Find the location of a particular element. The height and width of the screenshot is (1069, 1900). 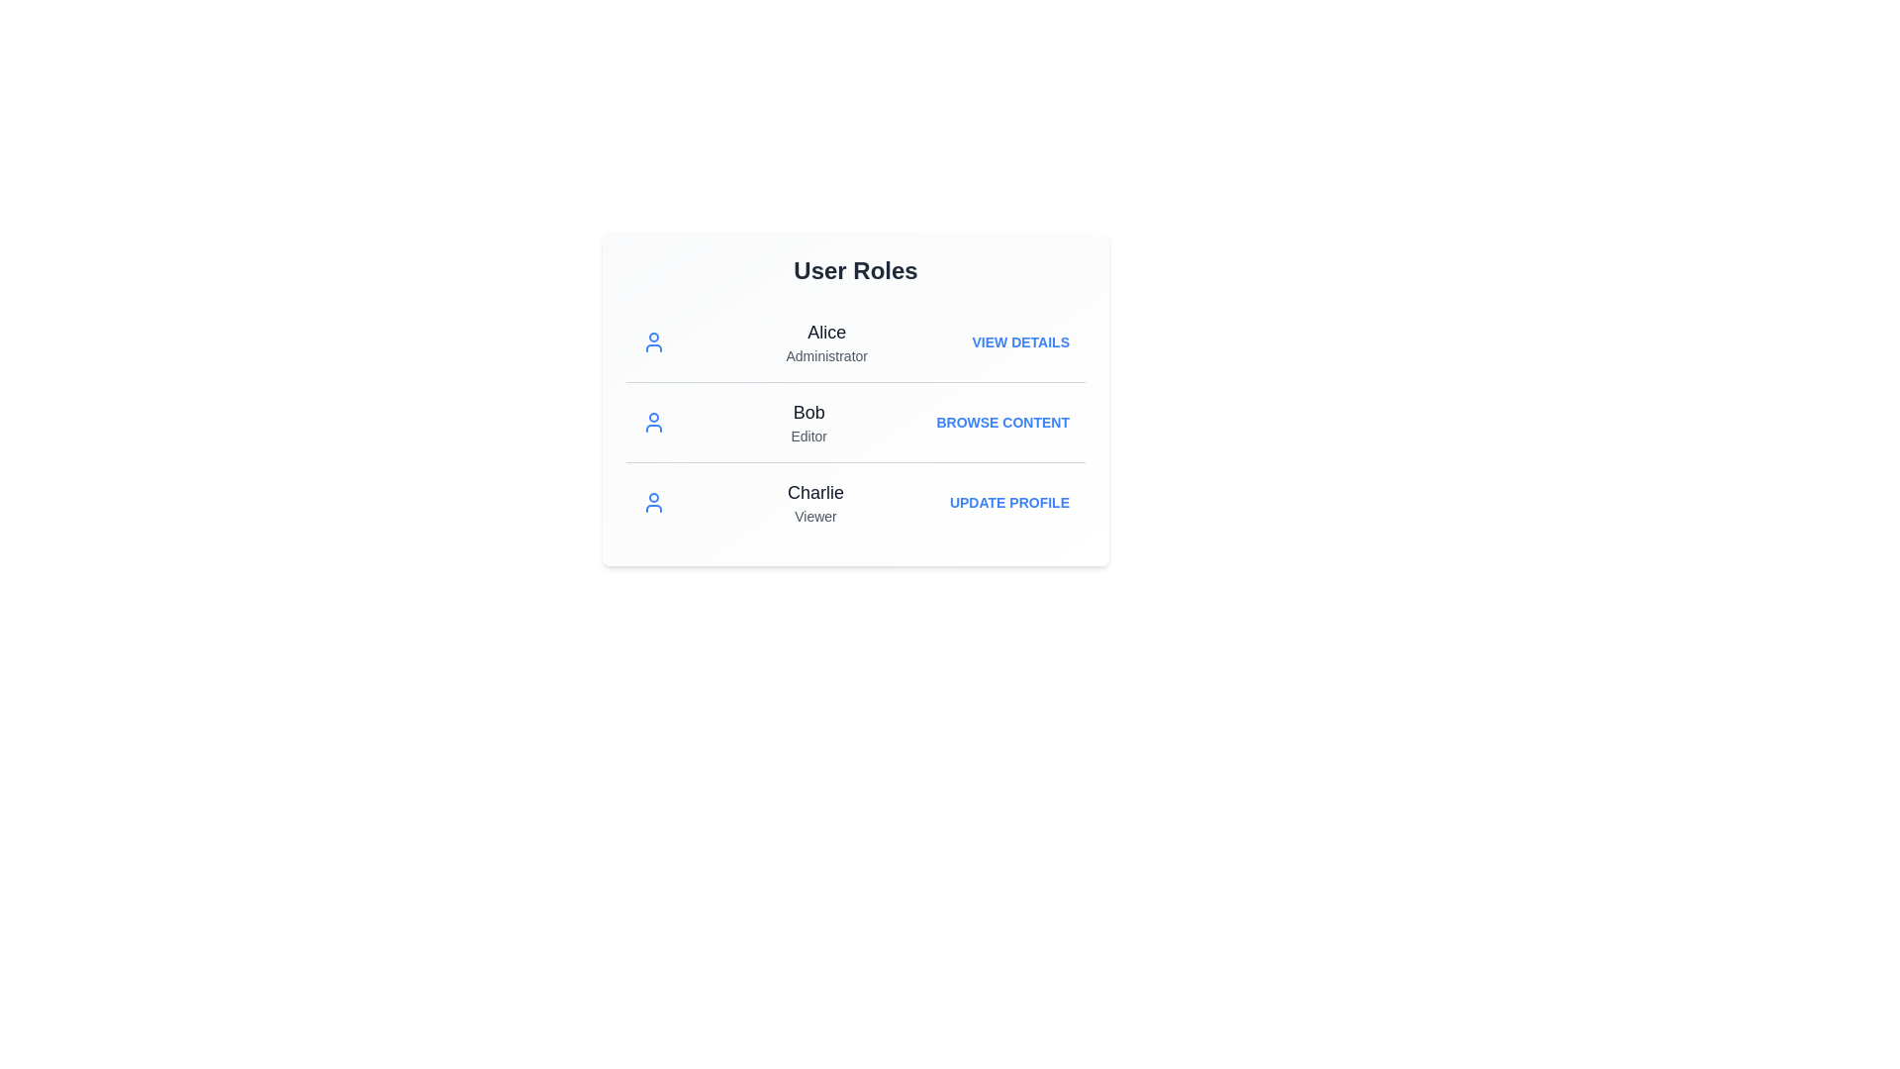

the Text display element that shows the name and role of a user in the user management section, positioned between an icon and a bold blue 'Update Profile' link is located at coordinates (815, 502).